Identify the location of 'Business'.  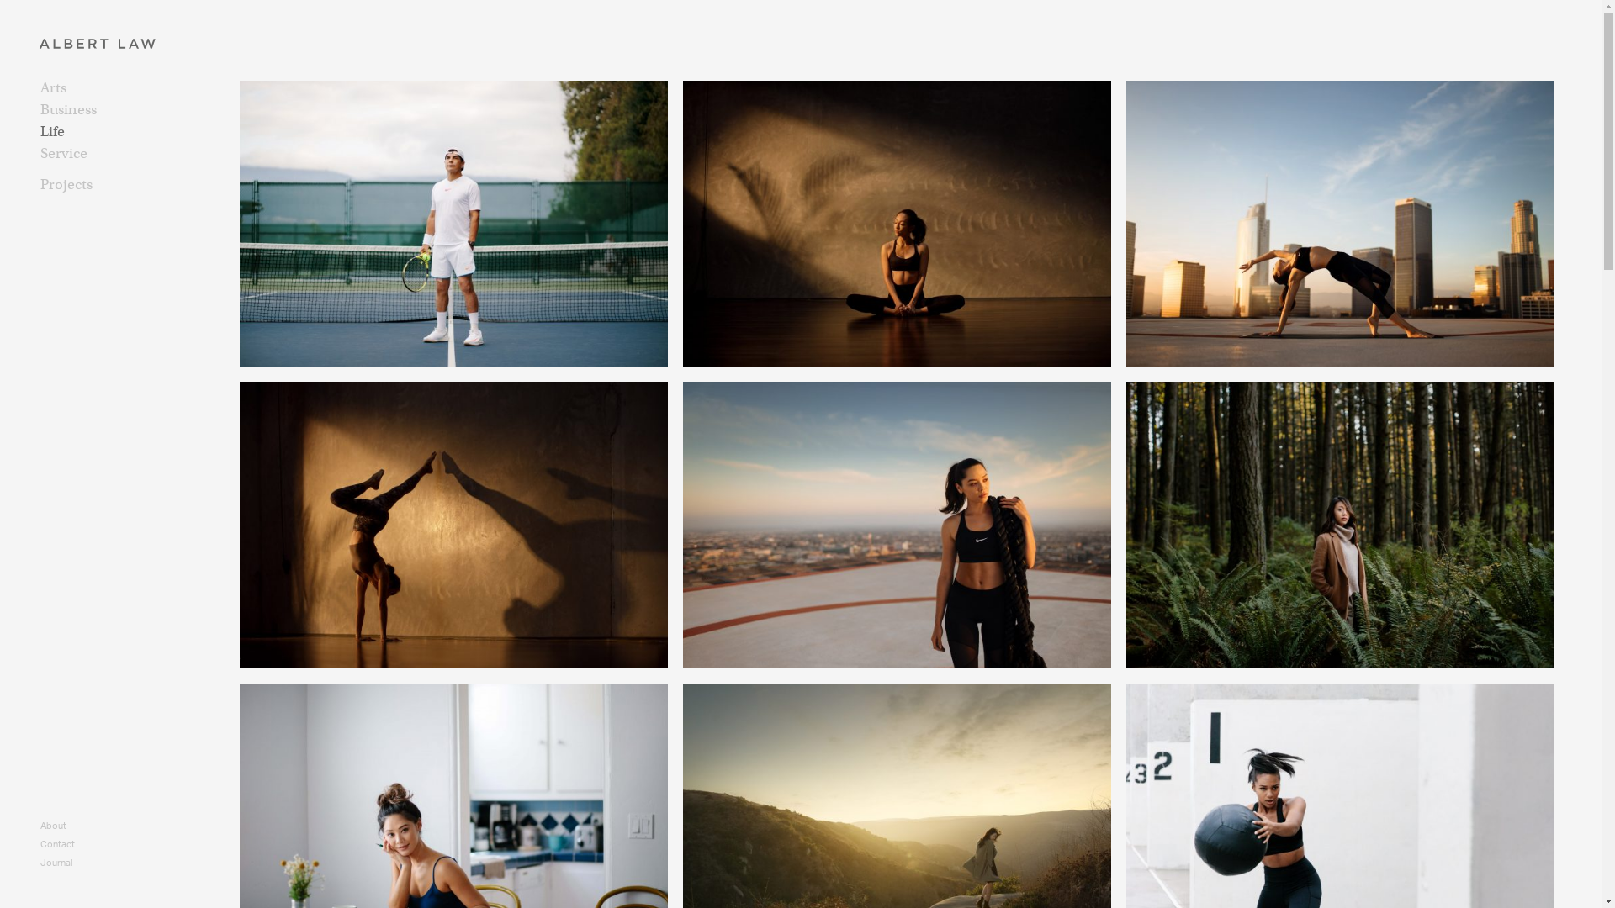
(40, 110).